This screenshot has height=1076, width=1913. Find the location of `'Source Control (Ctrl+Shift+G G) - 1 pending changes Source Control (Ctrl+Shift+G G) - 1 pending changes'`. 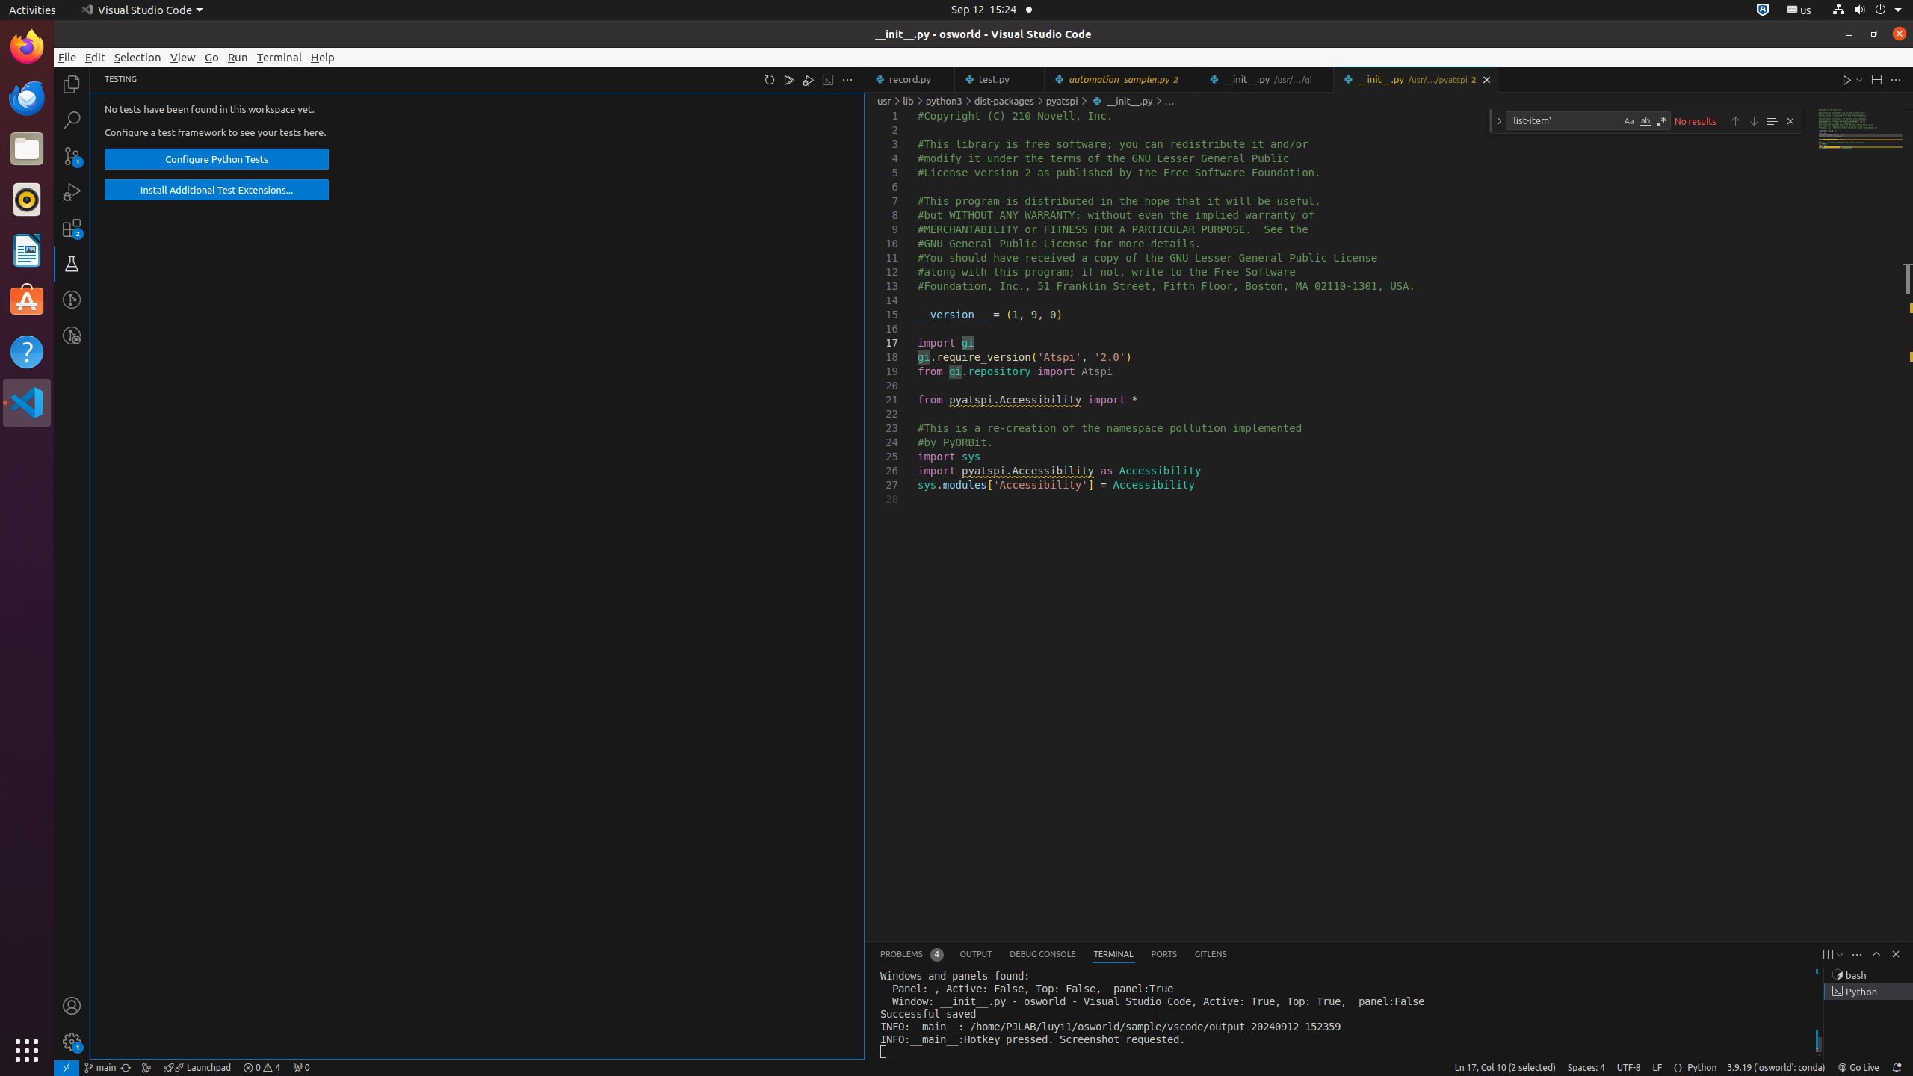

'Source Control (Ctrl+Shift+G G) - 1 pending changes Source Control (Ctrl+Shift+G G) - 1 pending changes' is located at coordinates (71, 155).